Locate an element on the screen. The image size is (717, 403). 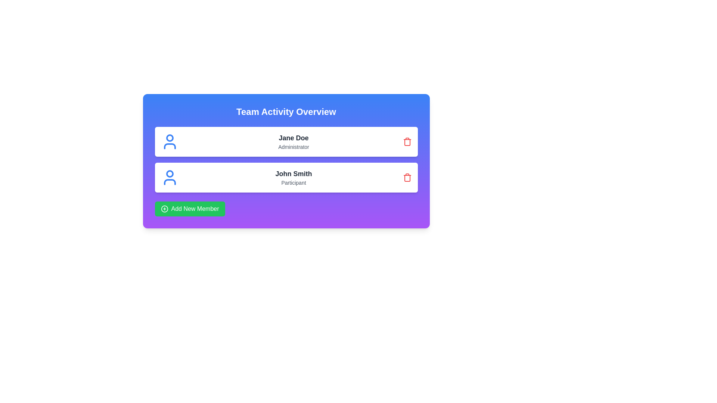
text displayed in the Text Label that serves as the display name for an individual, located above the label 'Administrator' in the first card of the 'Team Activity Overview.' is located at coordinates (293, 138).